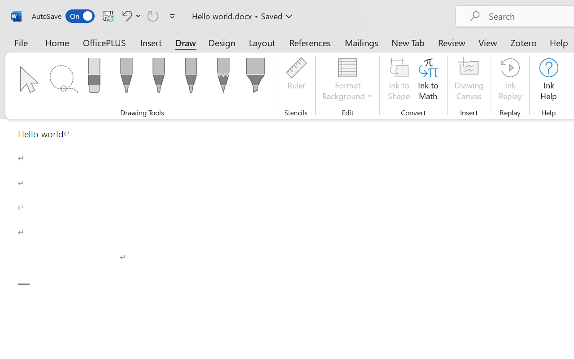 The height and width of the screenshot is (359, 574). Describe the element at coordinates (361, 42) in the screenshot. I see `'Mailings'` at that location.